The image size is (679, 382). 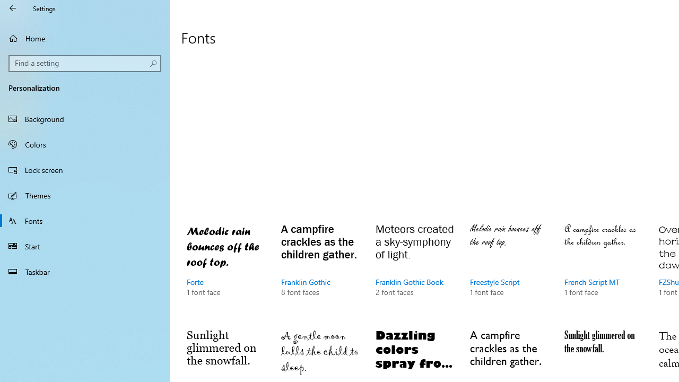 I want to click on 'French Script MT, 1 font face', so click(x=604, y=270).